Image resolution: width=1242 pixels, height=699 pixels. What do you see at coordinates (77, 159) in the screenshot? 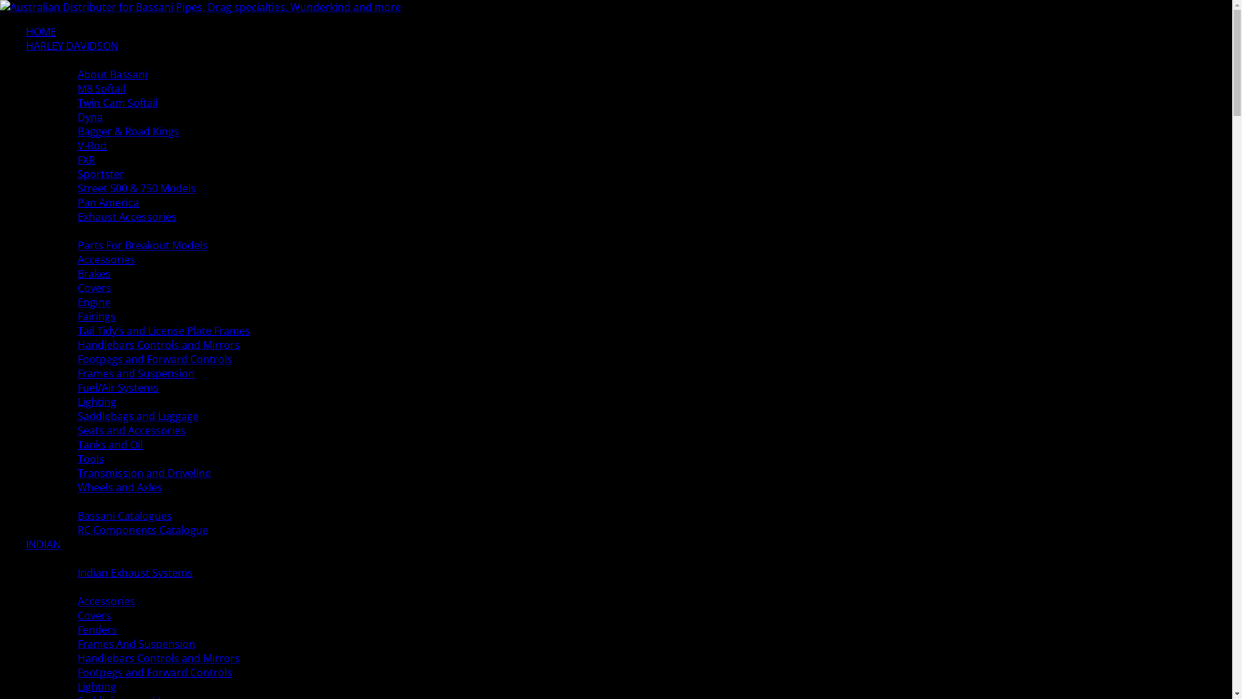
I see `'FXR'` at bounding box center [77, 159].